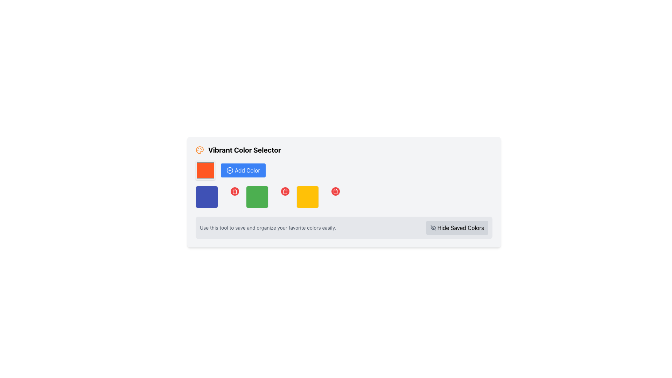  Describe the element at coordinates (307, 197) in the screenshot. I see `the color preview swatch, which is a 16x16 unit square with a solid yellow background located immediately to the right of a green square` at that location.